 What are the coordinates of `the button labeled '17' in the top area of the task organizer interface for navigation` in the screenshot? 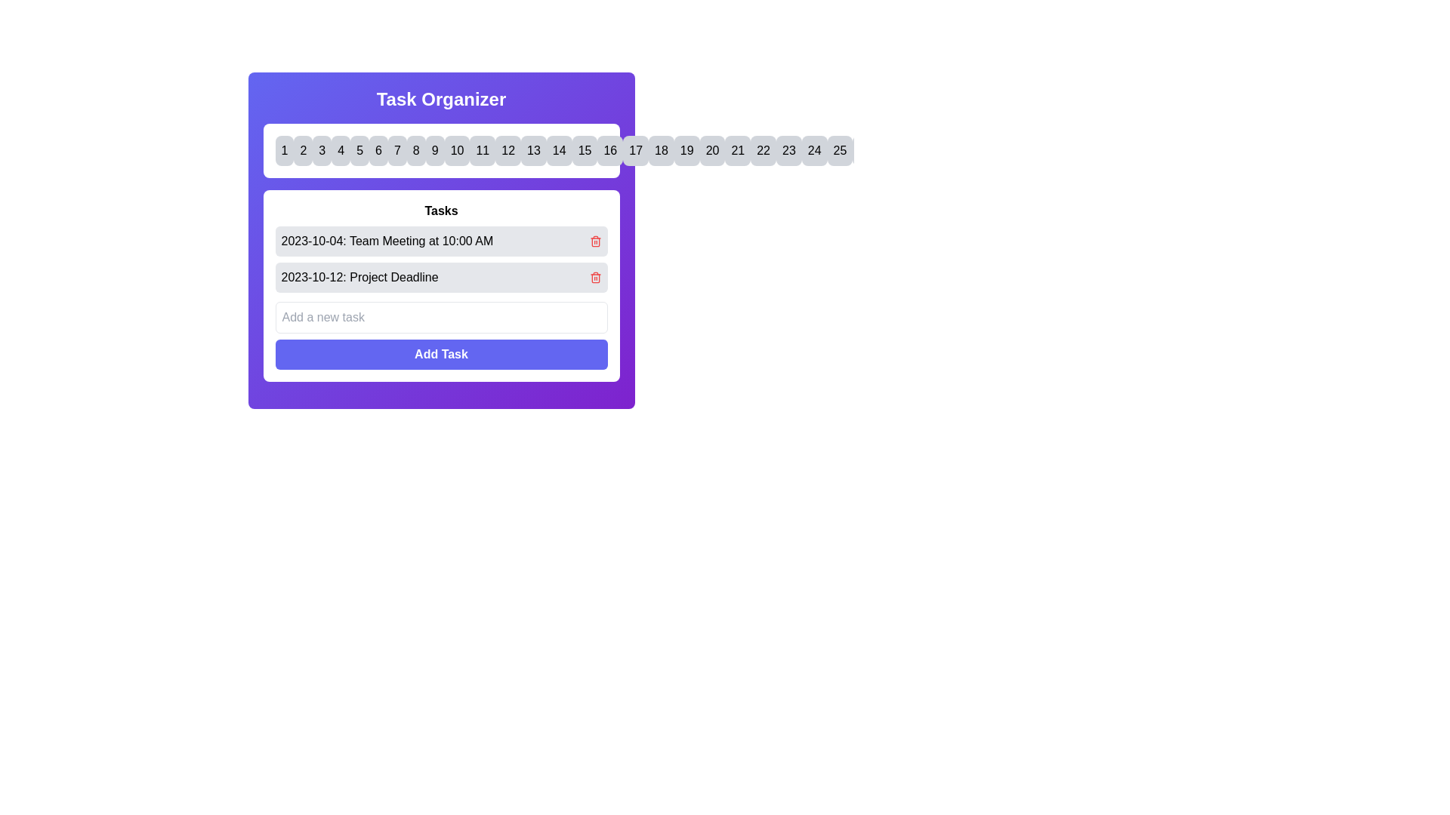 It's located at (636, 151).